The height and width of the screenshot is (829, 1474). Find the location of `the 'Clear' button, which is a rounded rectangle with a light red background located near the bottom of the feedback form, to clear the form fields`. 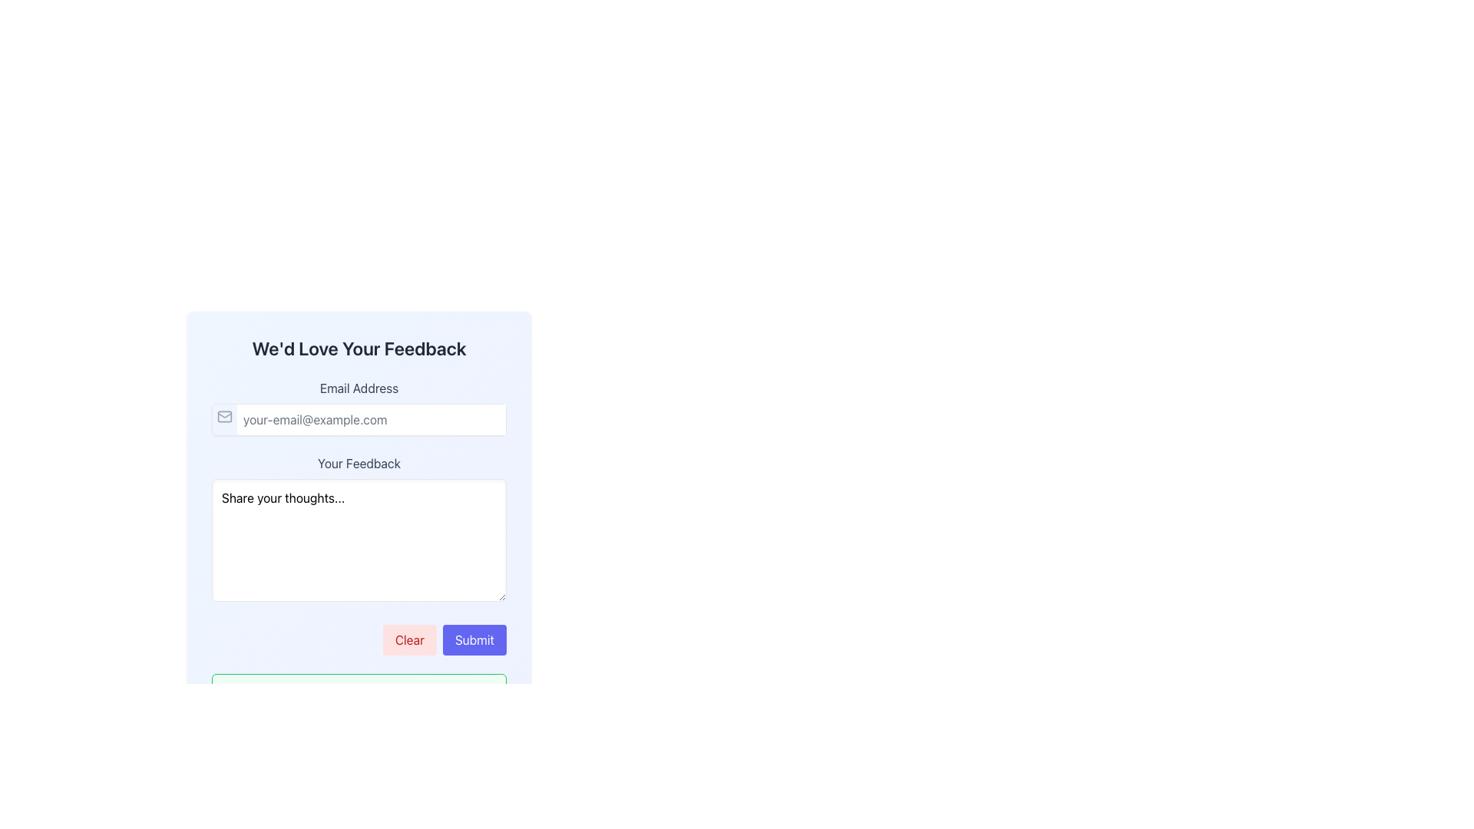

the 'Clear' button, which is a rounded rectangle with a light red background located near the bottom of the feedback form, to clear the form fields is located at coordinates (409, 639).